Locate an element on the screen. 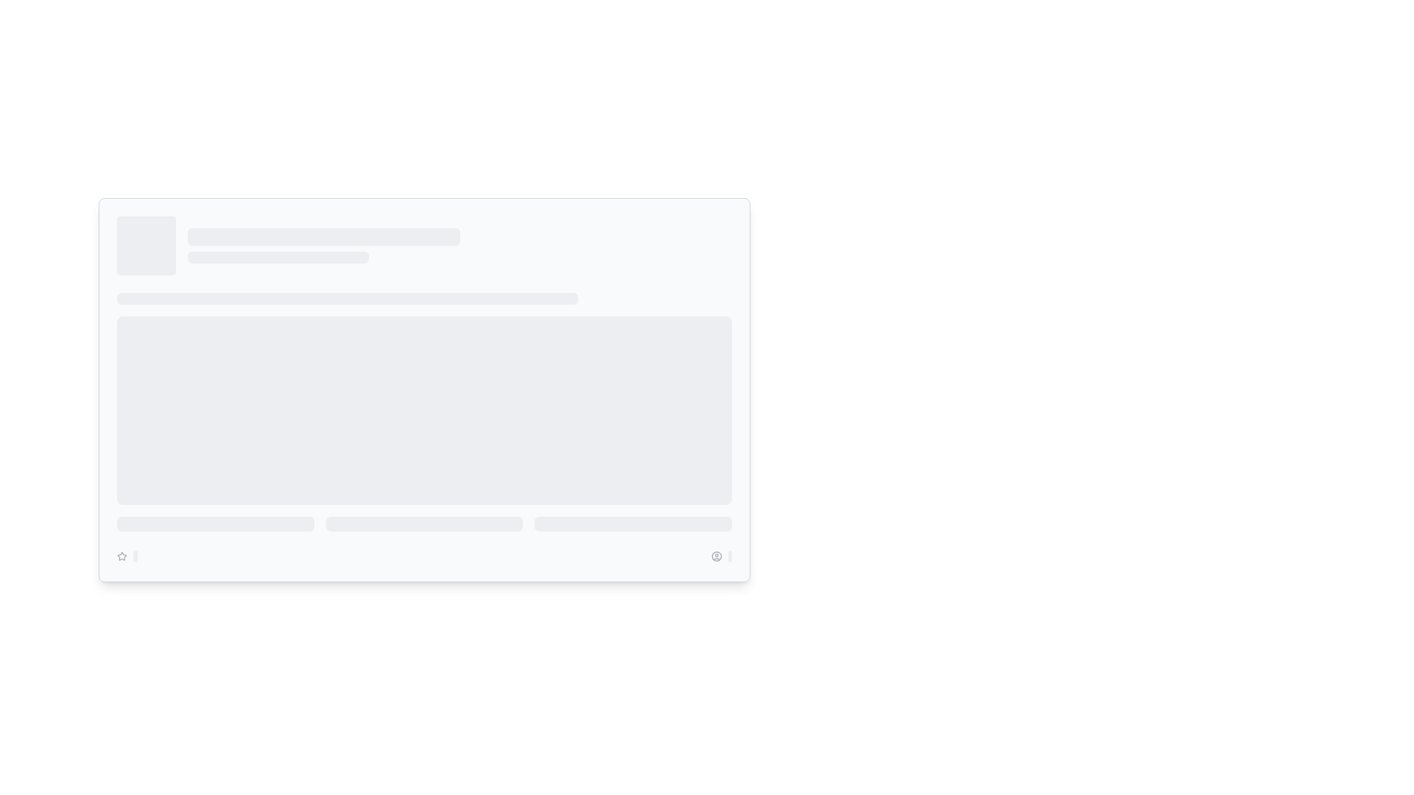  the user profile icon located at the bottom-right corner of the interface, adjacent to a rounded gray rectangle is located at coordinates (717, 556).